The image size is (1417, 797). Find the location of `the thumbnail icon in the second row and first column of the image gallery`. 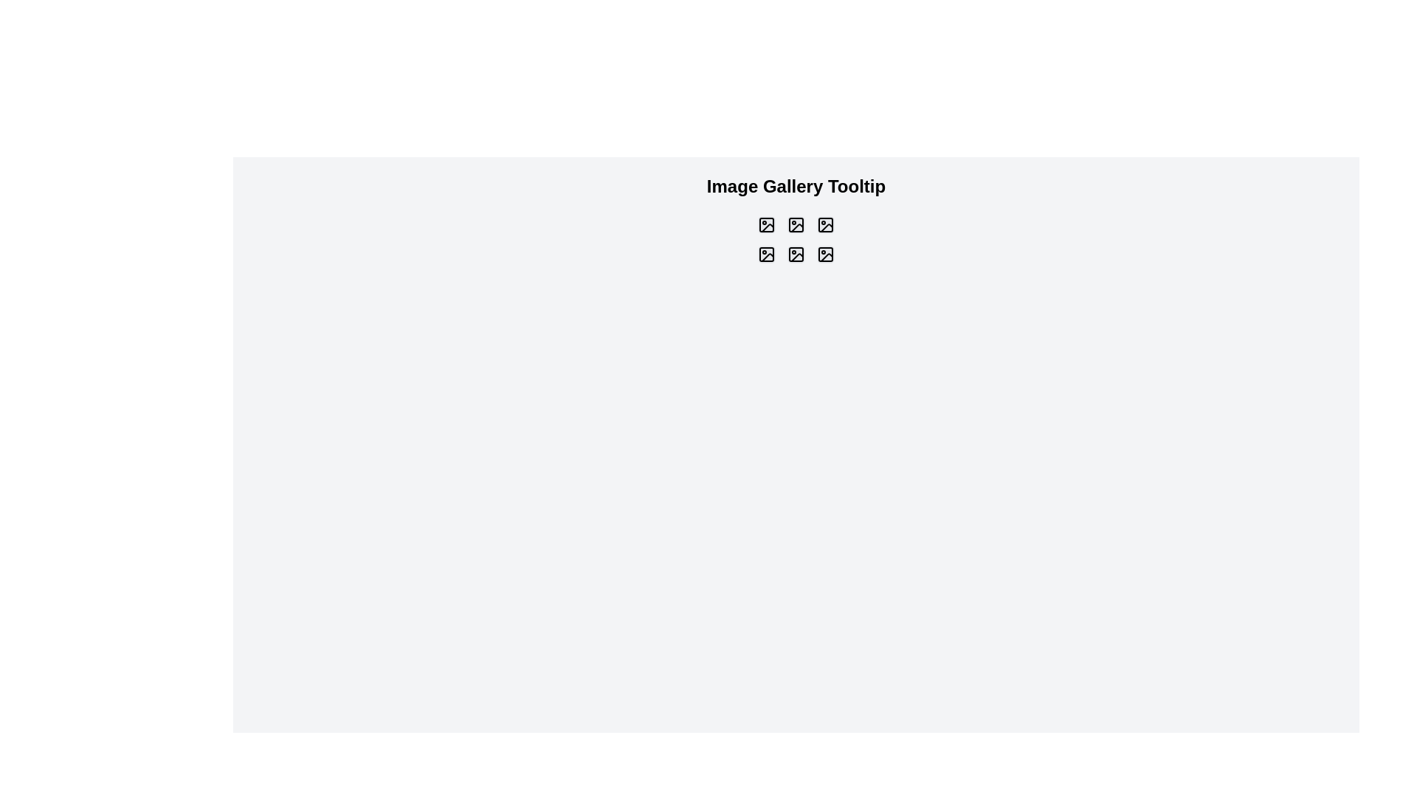

the thumbnail icon in the second row and first column of the image gallery is located at coordinates (766, 253).